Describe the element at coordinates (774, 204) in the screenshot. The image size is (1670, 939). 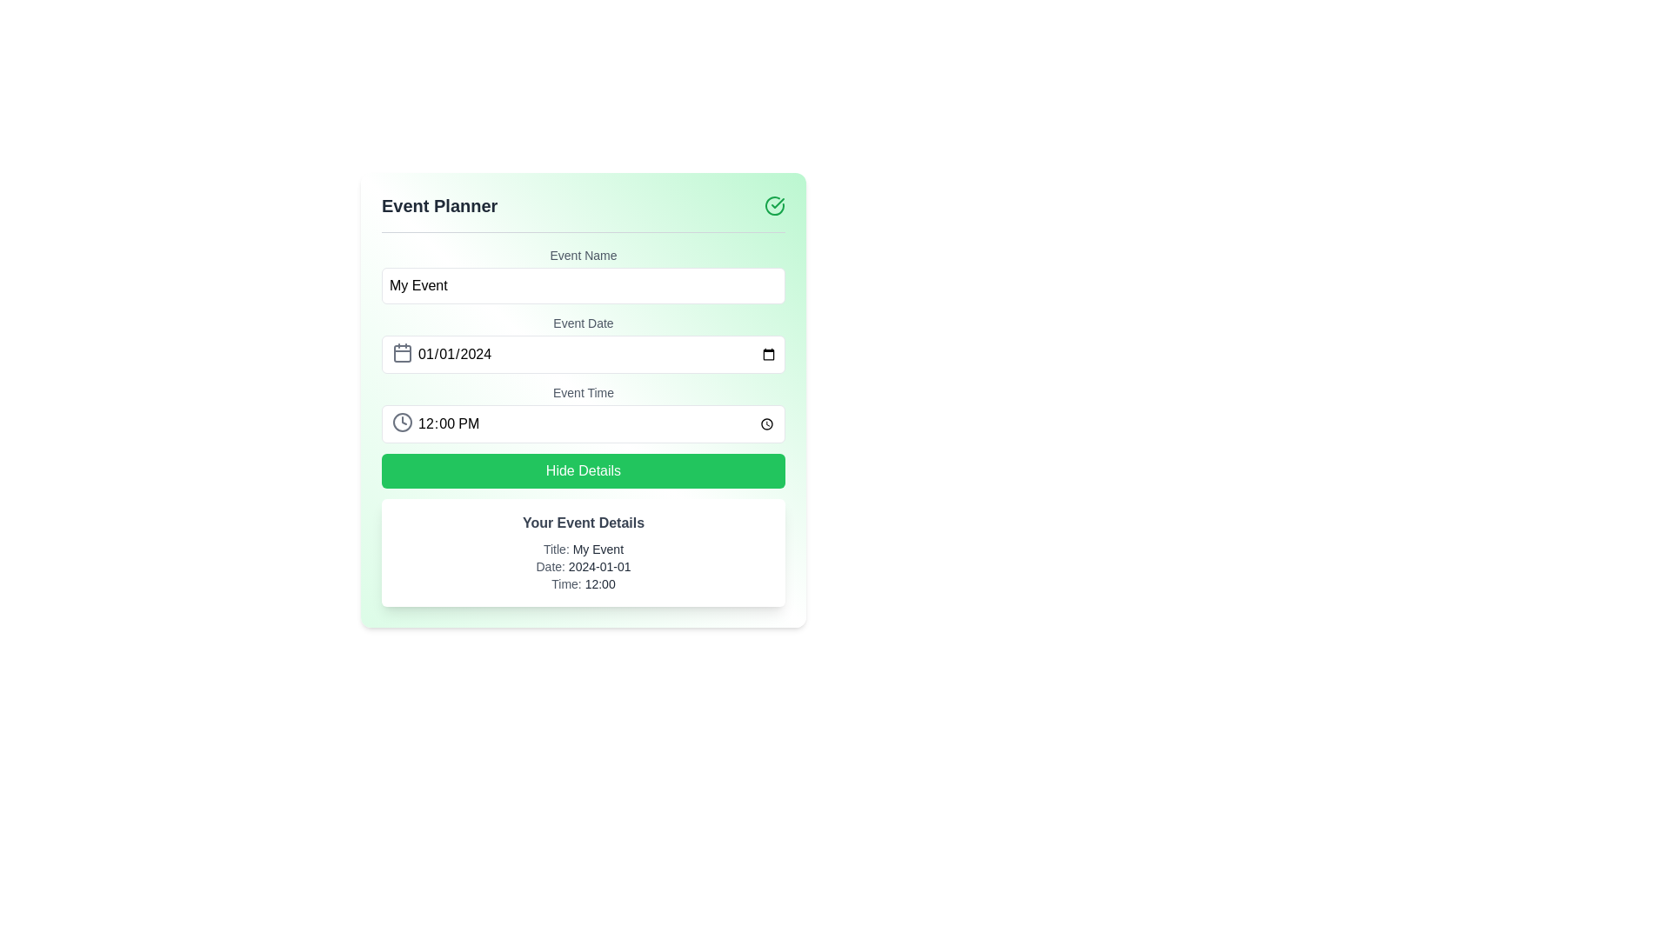
I see `the completion status SVG icon located in the top-right corner of the 'Event Planner' panel, adjacent to the panel's title text 'Event Planner'` at that location.